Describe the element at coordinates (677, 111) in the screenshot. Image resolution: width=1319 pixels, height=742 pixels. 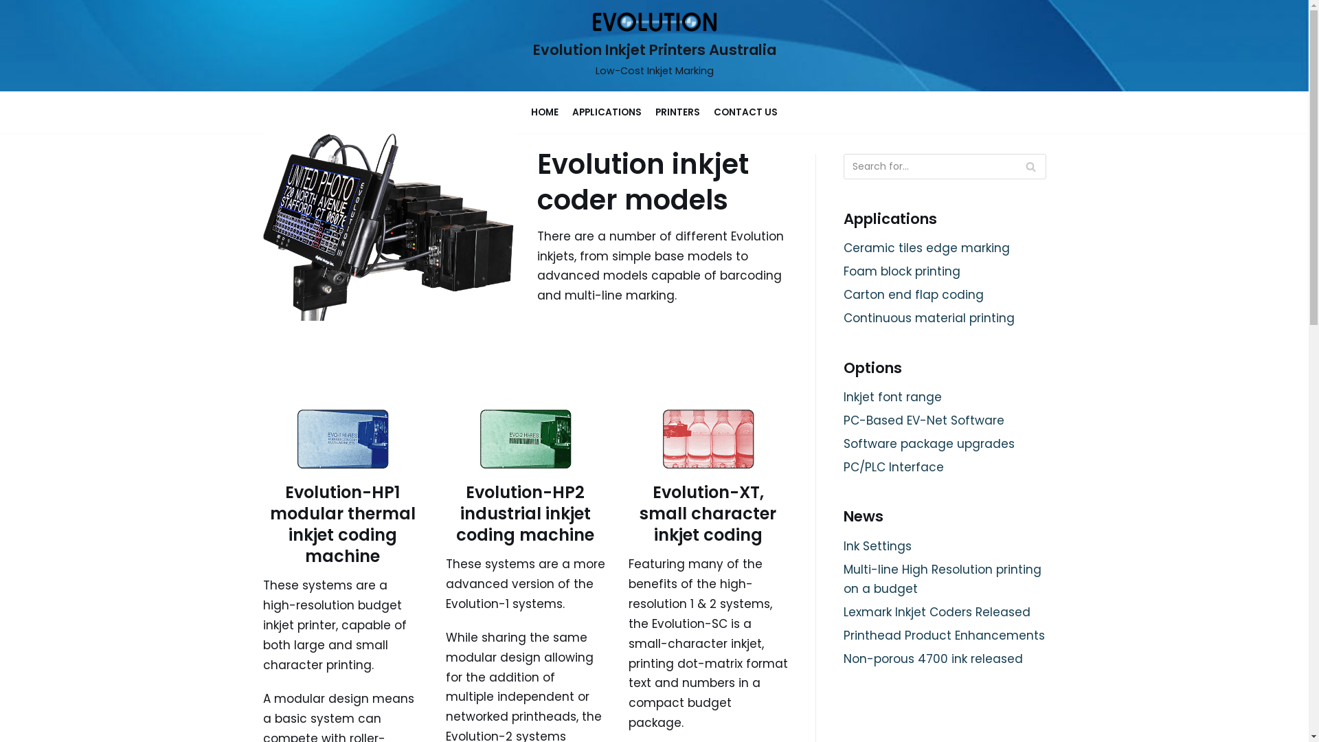
I see `'PRINTERS'` at that location.